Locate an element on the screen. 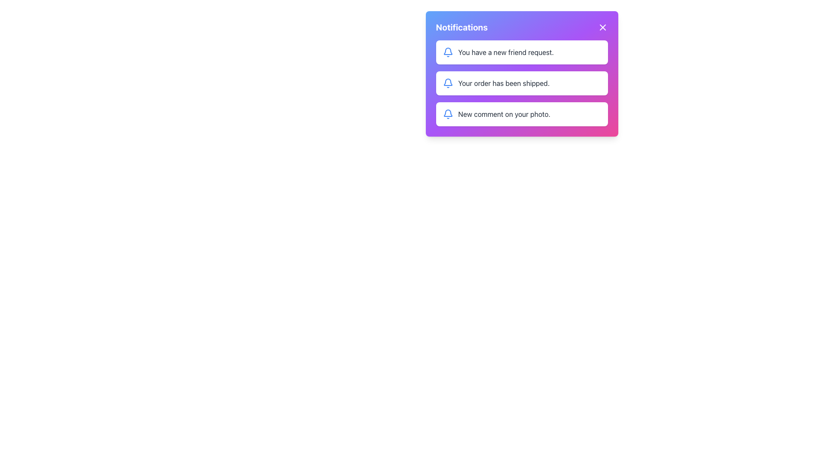  the close icon represented by an 'X' shape in the upper-right corner of the notification panel is located at coordinates (602, 27).